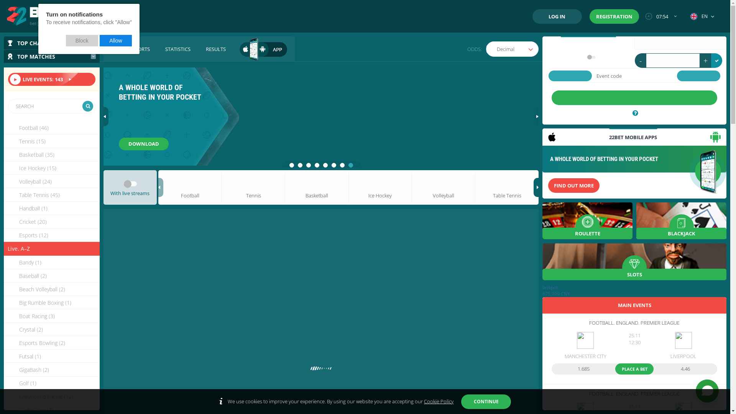 The height and width of the screenshot is (414, 736). I want to click on 'Boat Racing, so click(51, 316).